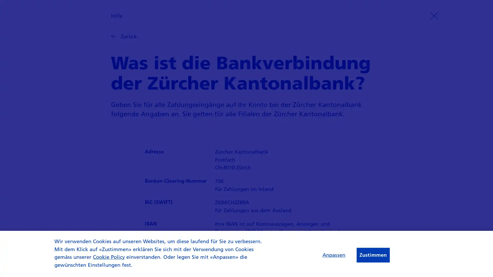  I want to click on Zustimmen, so click(373, 255).